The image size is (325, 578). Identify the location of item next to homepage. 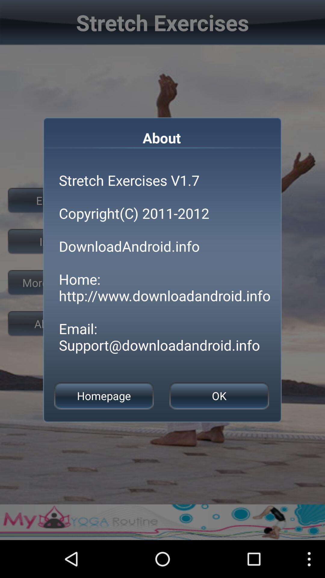
(219, 396).